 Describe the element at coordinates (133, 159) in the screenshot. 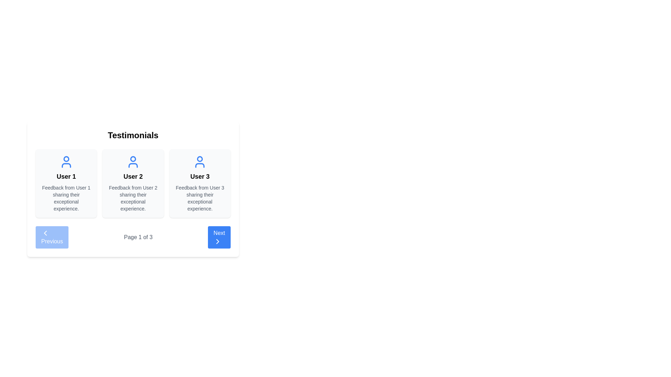

I see `the head circle of the user avatar icon in the second testimonial user card under the heading 'Testimonials'` at that location.